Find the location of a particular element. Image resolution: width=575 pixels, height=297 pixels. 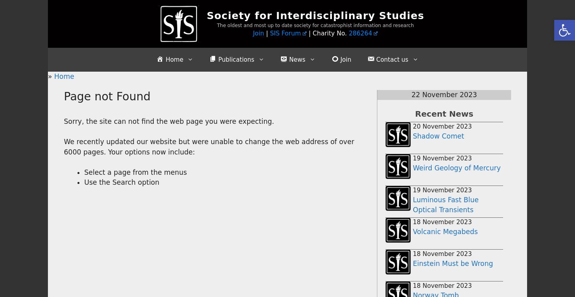

'The oldest and most up to date society for catastrophist information and research' is located at coordinates (315, 25).